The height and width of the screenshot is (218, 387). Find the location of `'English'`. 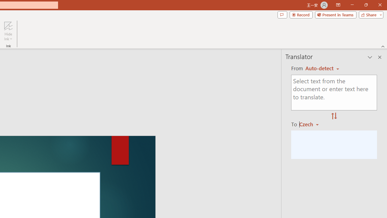

'English' is located at coordinates (322, 68).